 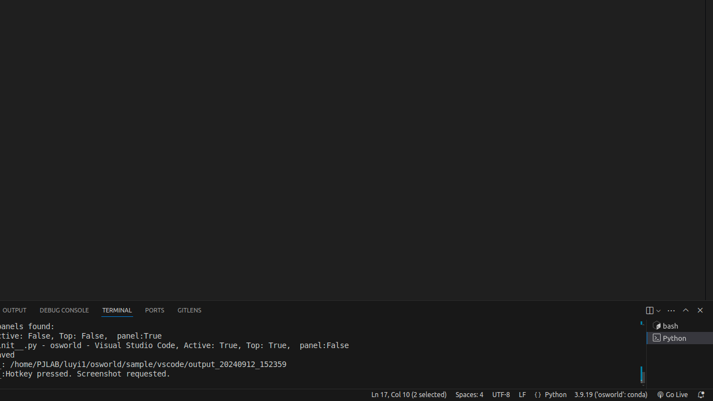 I want to click on 'Spaces: 4', so click(x=469, y=394).